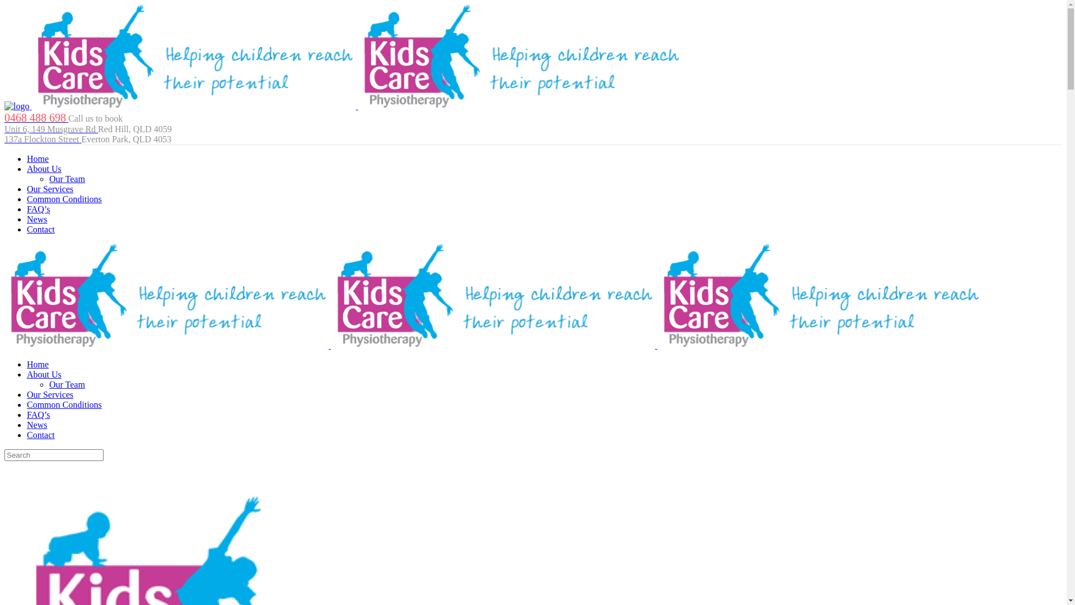 The width and height of the screenshot is (1075, 605). Describe the element at coordinates (27, 169) in the screenshot. I see `'About Us'` at that location.